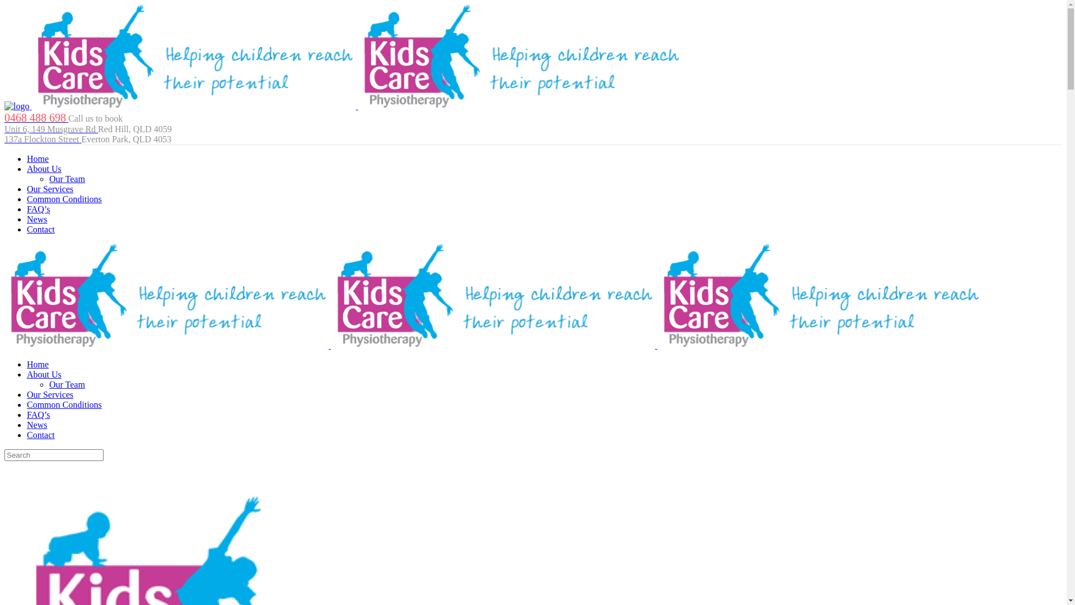 The width and height of the screenshot is (1075, 605). Describe the element at coordinates (27, 169) in the screenshot. I see `'About Us'` at that location.